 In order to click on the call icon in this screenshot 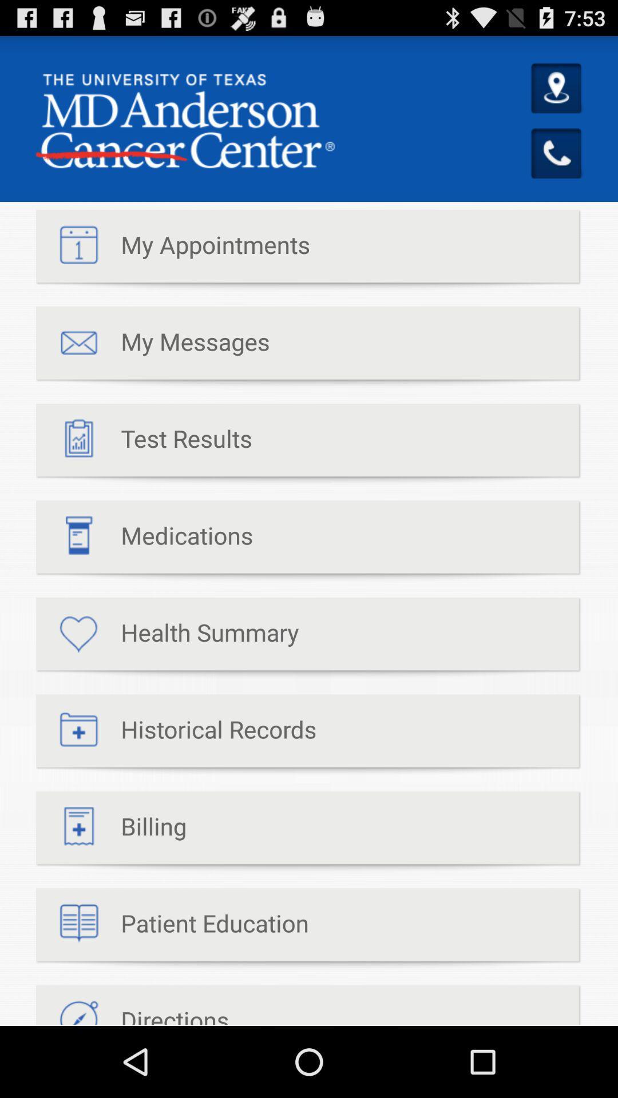, I will do `click(557, 168)`.